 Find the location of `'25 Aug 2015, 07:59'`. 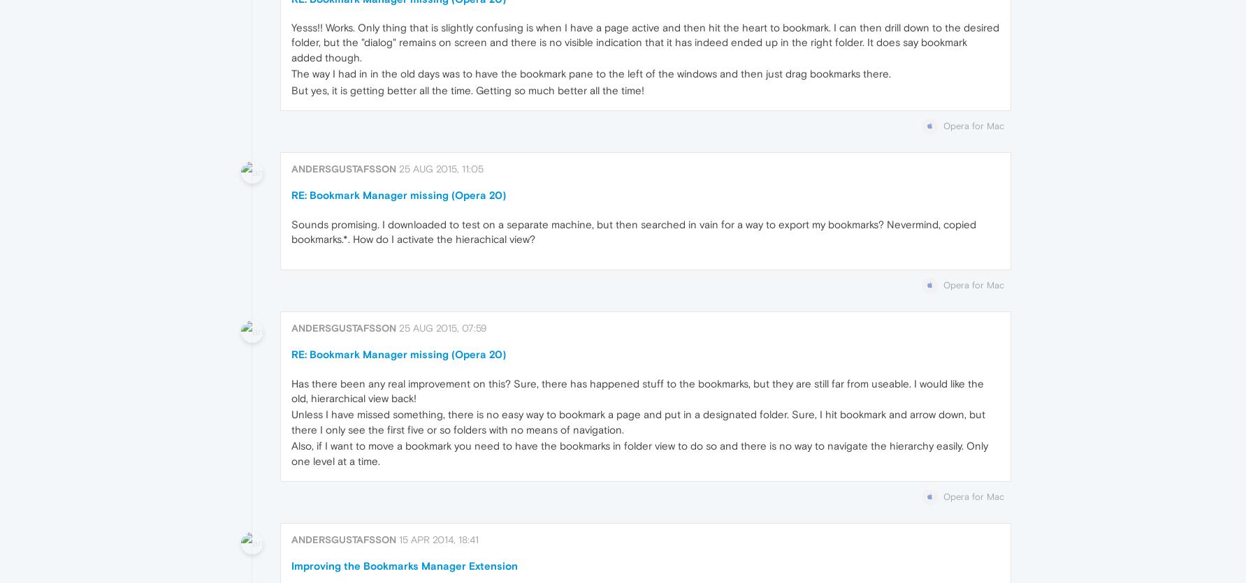

'25 Aug 2015, 07:59' is located at coordinates (398, 327).